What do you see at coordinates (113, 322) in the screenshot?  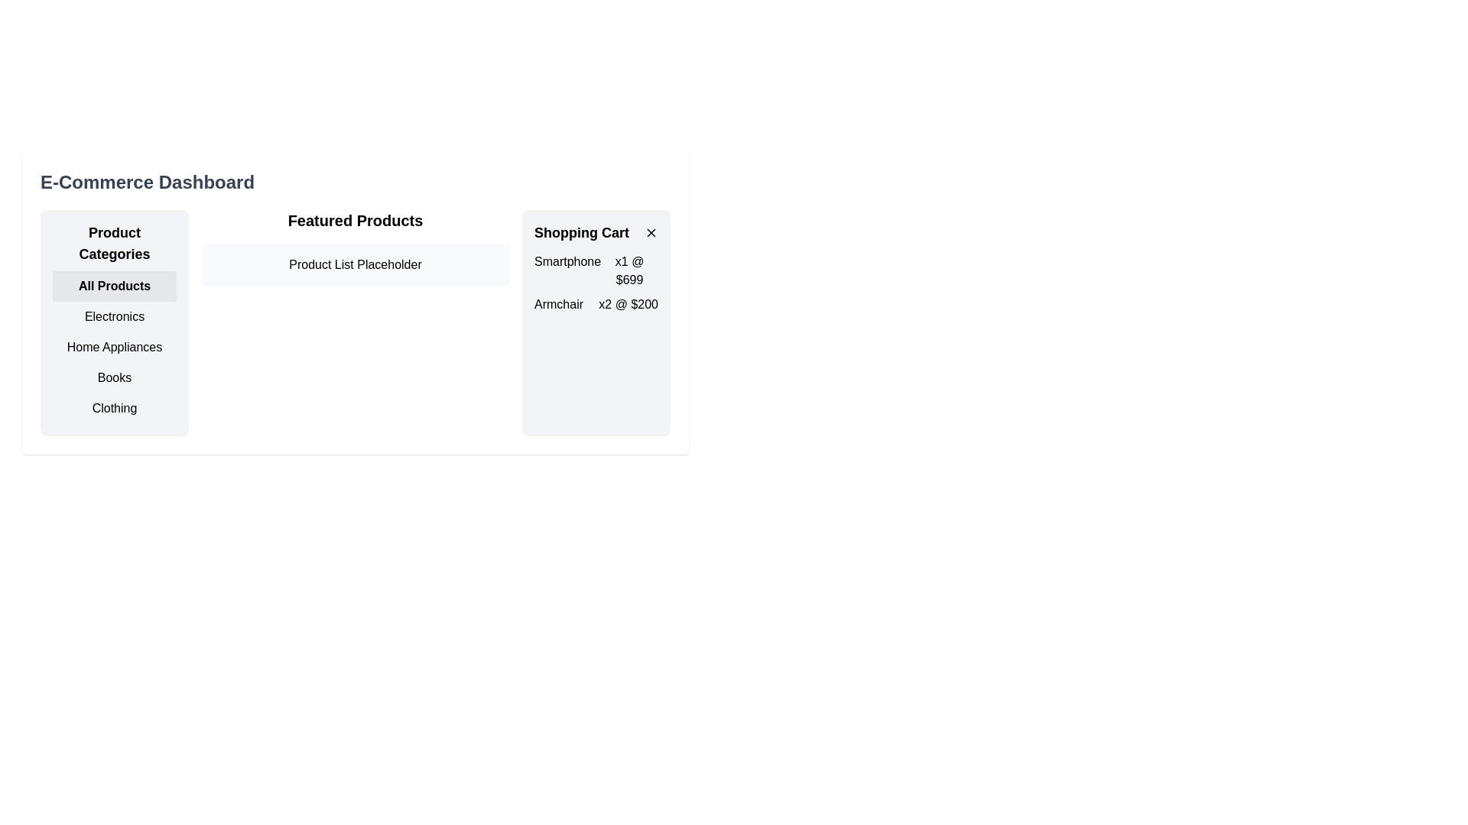 I see `the vertical navigation menu` at bounding box center [113, 322].